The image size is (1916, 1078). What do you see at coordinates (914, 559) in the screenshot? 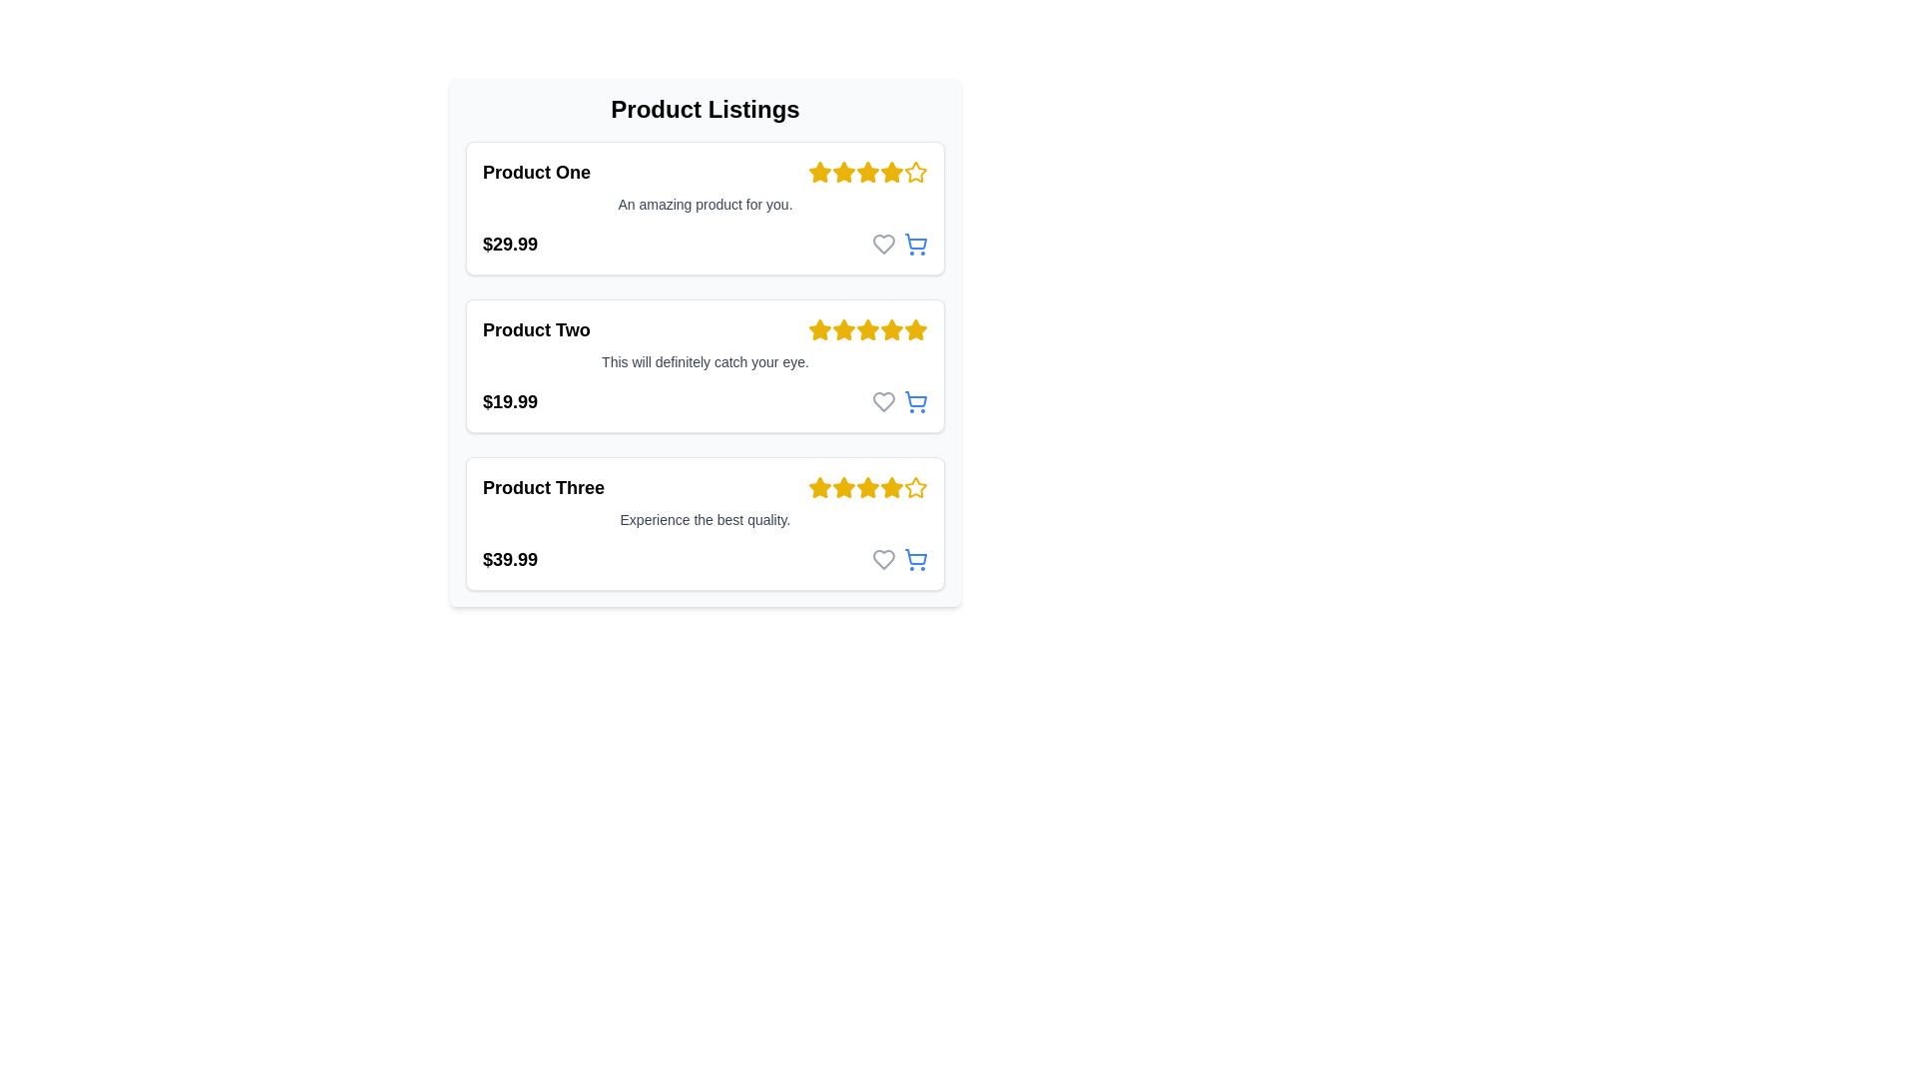
I see `the bright blue shopping cart icon located at the bottom-right corner of the 'Product Three' card` at bounding box center [914, 559].